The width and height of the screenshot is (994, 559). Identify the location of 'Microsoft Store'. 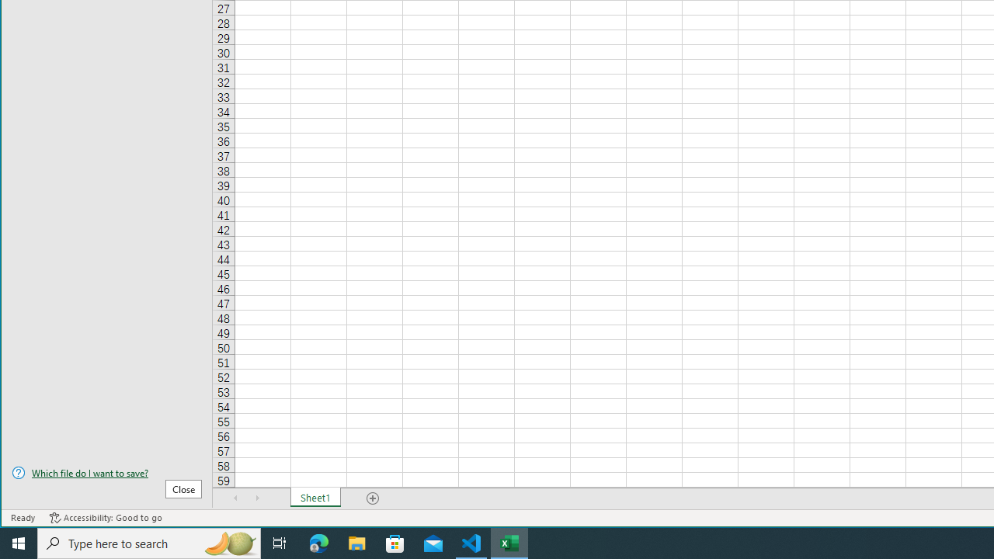
(395, 542).